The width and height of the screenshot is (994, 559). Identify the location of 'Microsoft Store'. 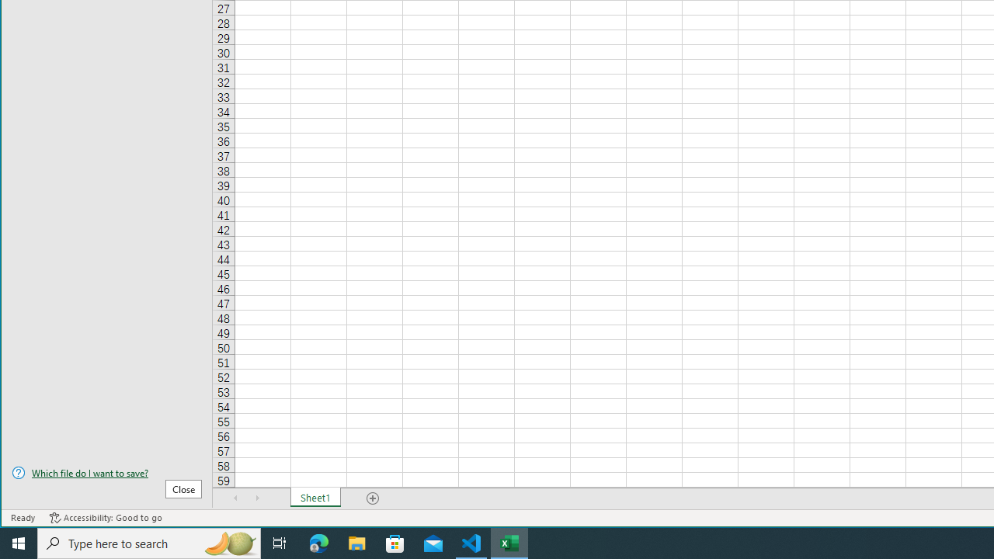
(395, 542).